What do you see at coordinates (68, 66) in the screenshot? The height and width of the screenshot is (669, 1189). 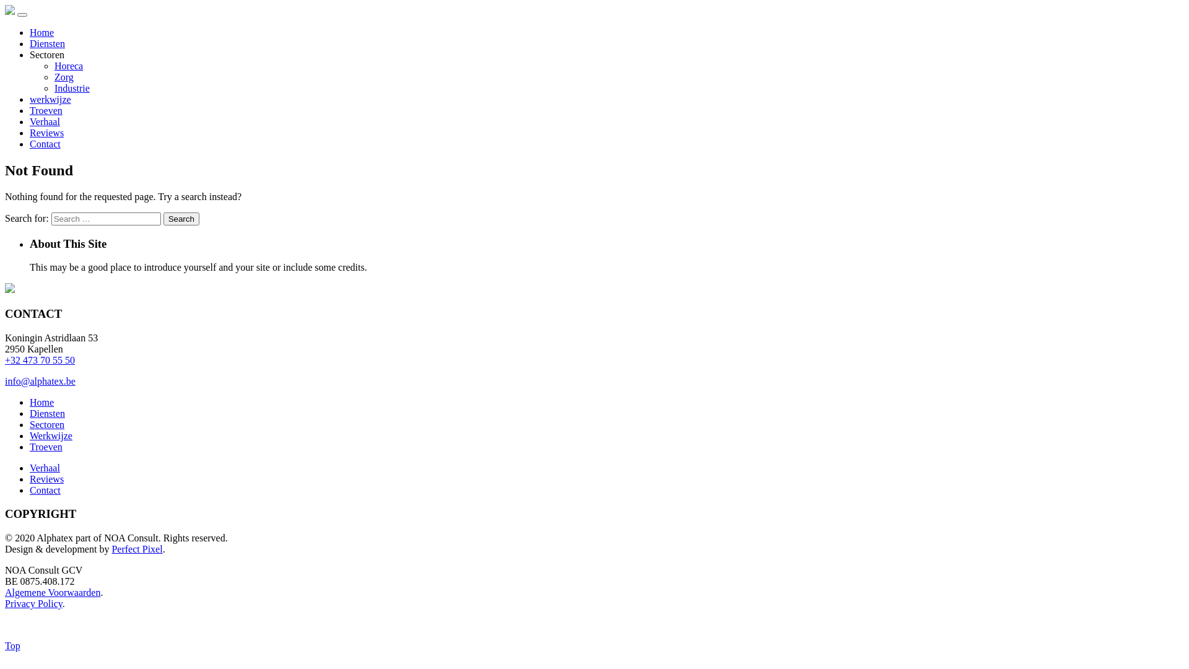 I see `'Horeca'` at bounding box center [68, 66].